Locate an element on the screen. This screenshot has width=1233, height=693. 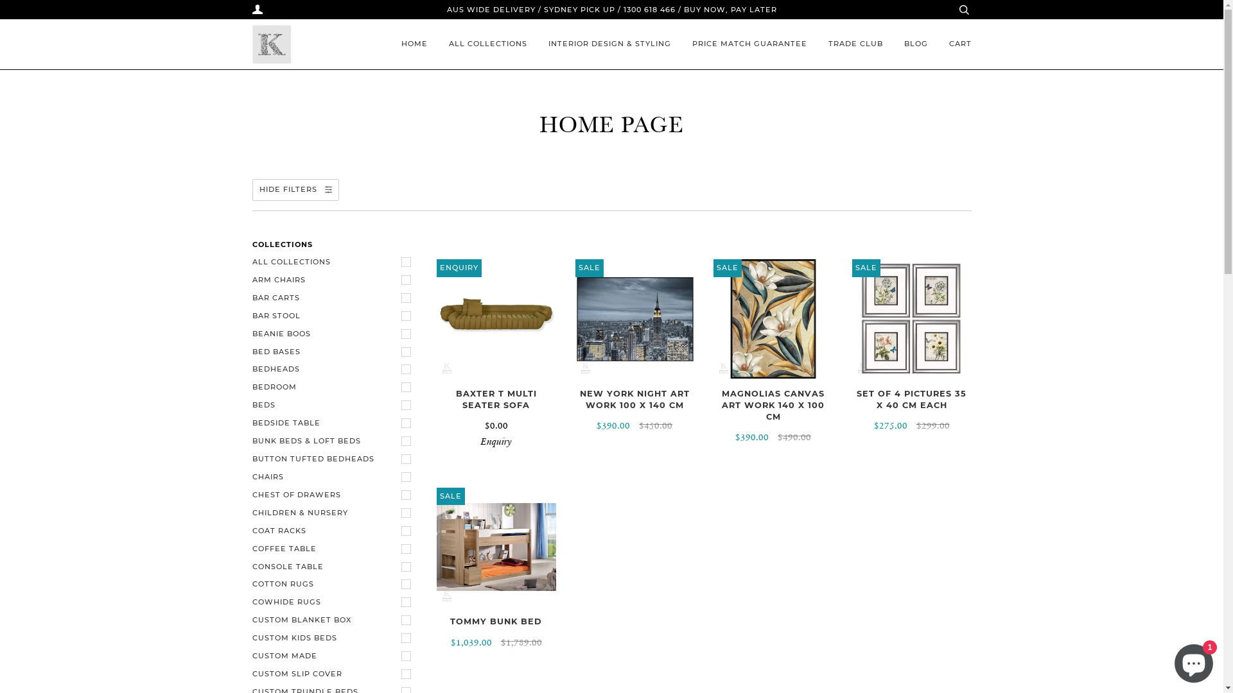
'COWHIDE RUGS' is located at coordinates (335, 602).